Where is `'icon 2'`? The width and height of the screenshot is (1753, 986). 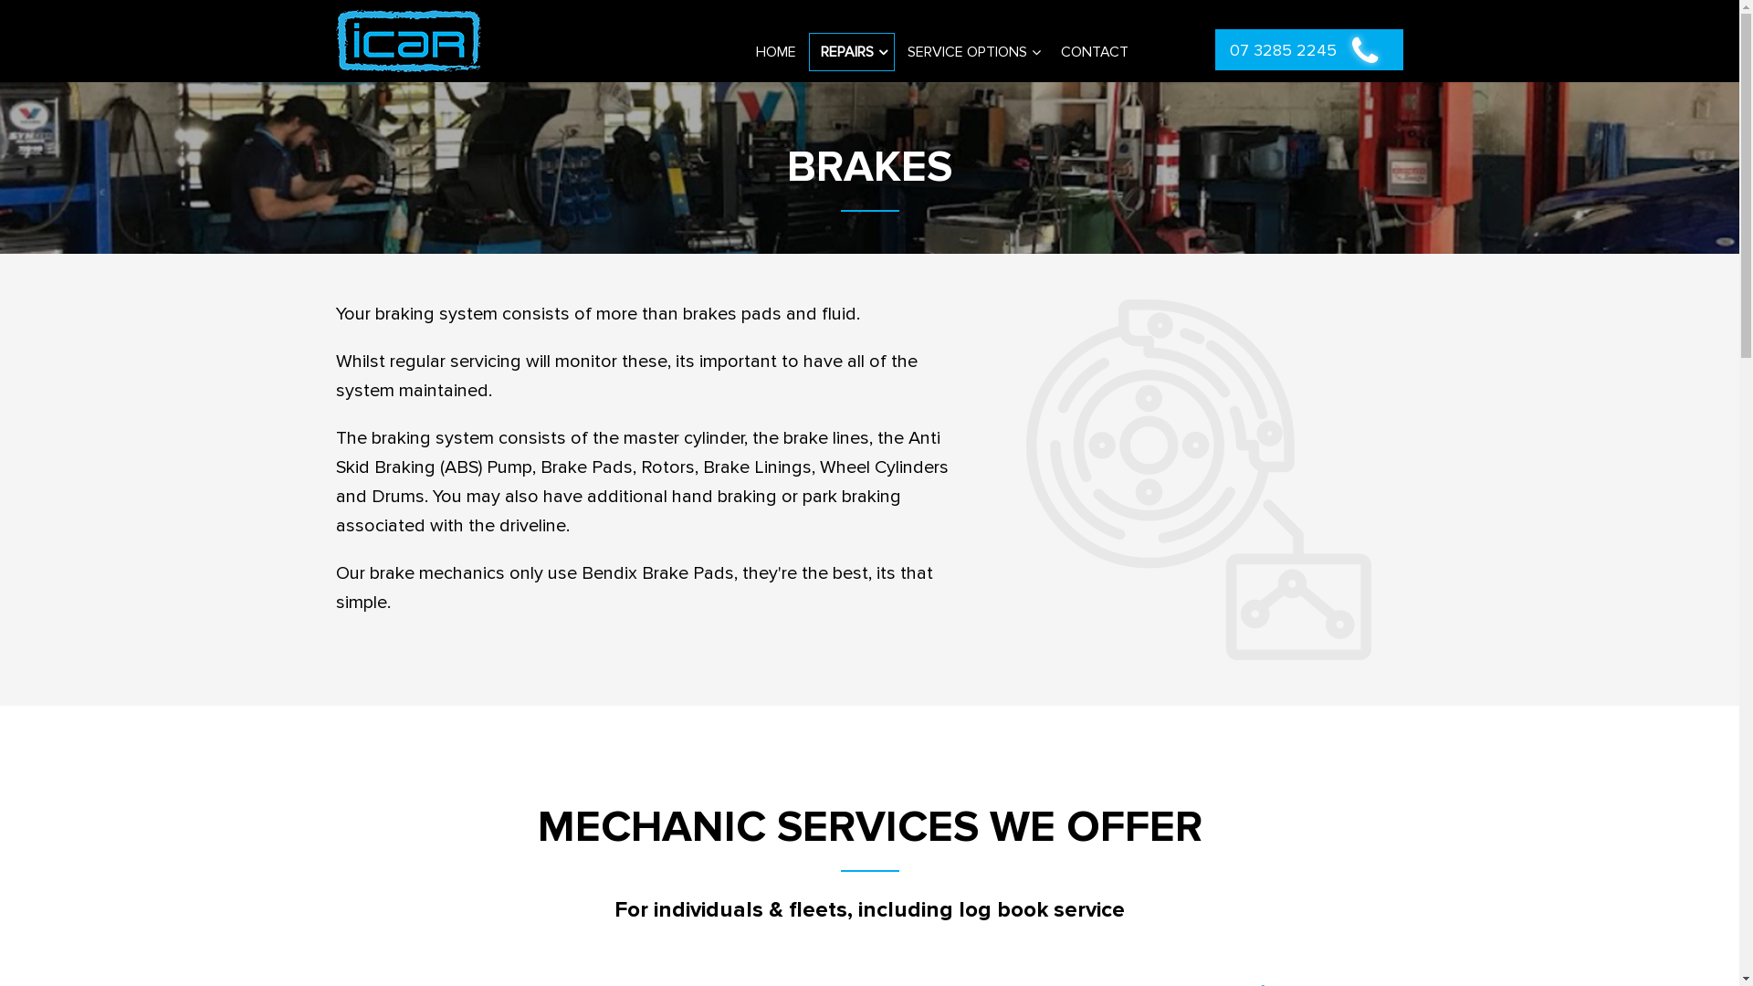 'icon 2' is located at coordinates (1199, 478).